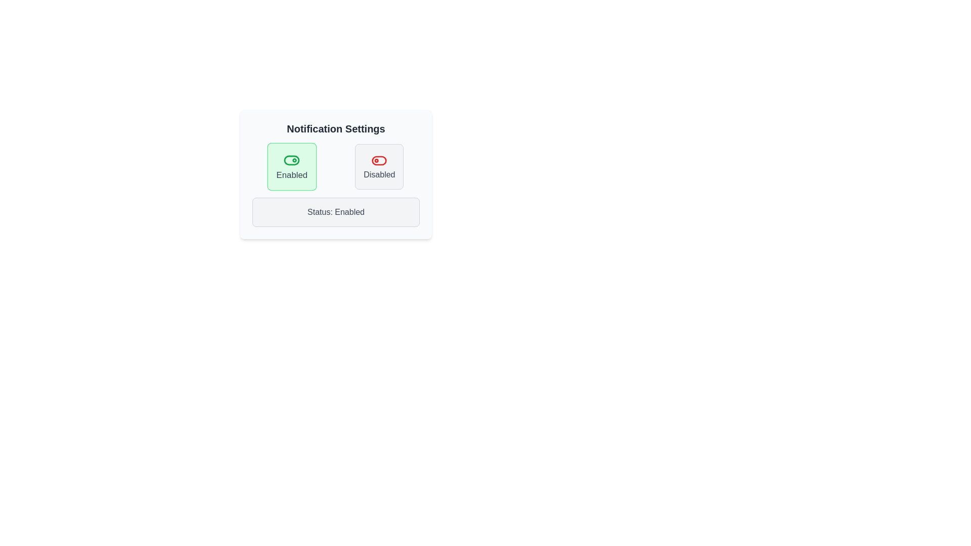 This screenshot has width=971, height=546. I want to click on the Toggle group component labeled 'Enabled' and 'Disabled', so click(336, 166).